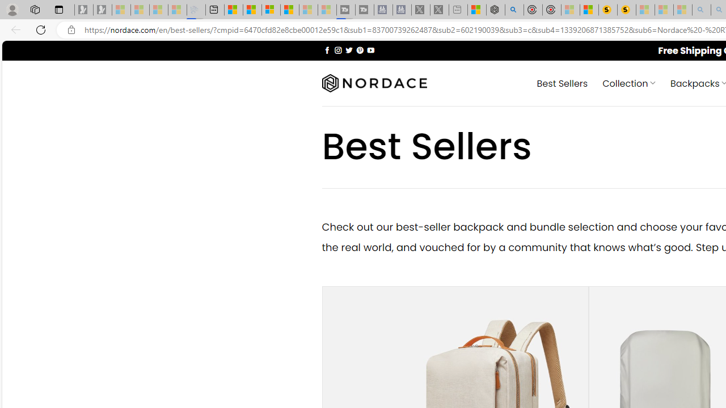 This screenshot has height=408, width=726. What do you see at coordinates (359, 49) in the screenshot?
I see `'Follow on Pinterest'` at bounding box center [359, 49].